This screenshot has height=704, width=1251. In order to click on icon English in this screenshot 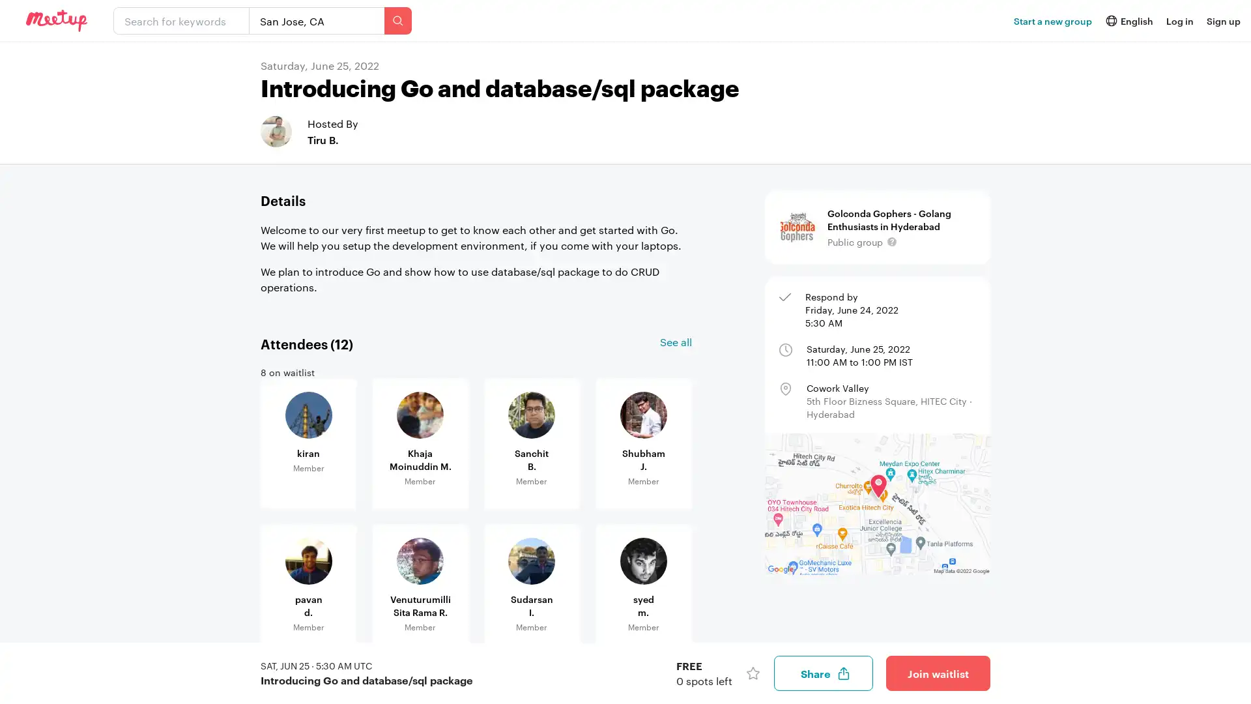, I will do `click(1128, 20)`.